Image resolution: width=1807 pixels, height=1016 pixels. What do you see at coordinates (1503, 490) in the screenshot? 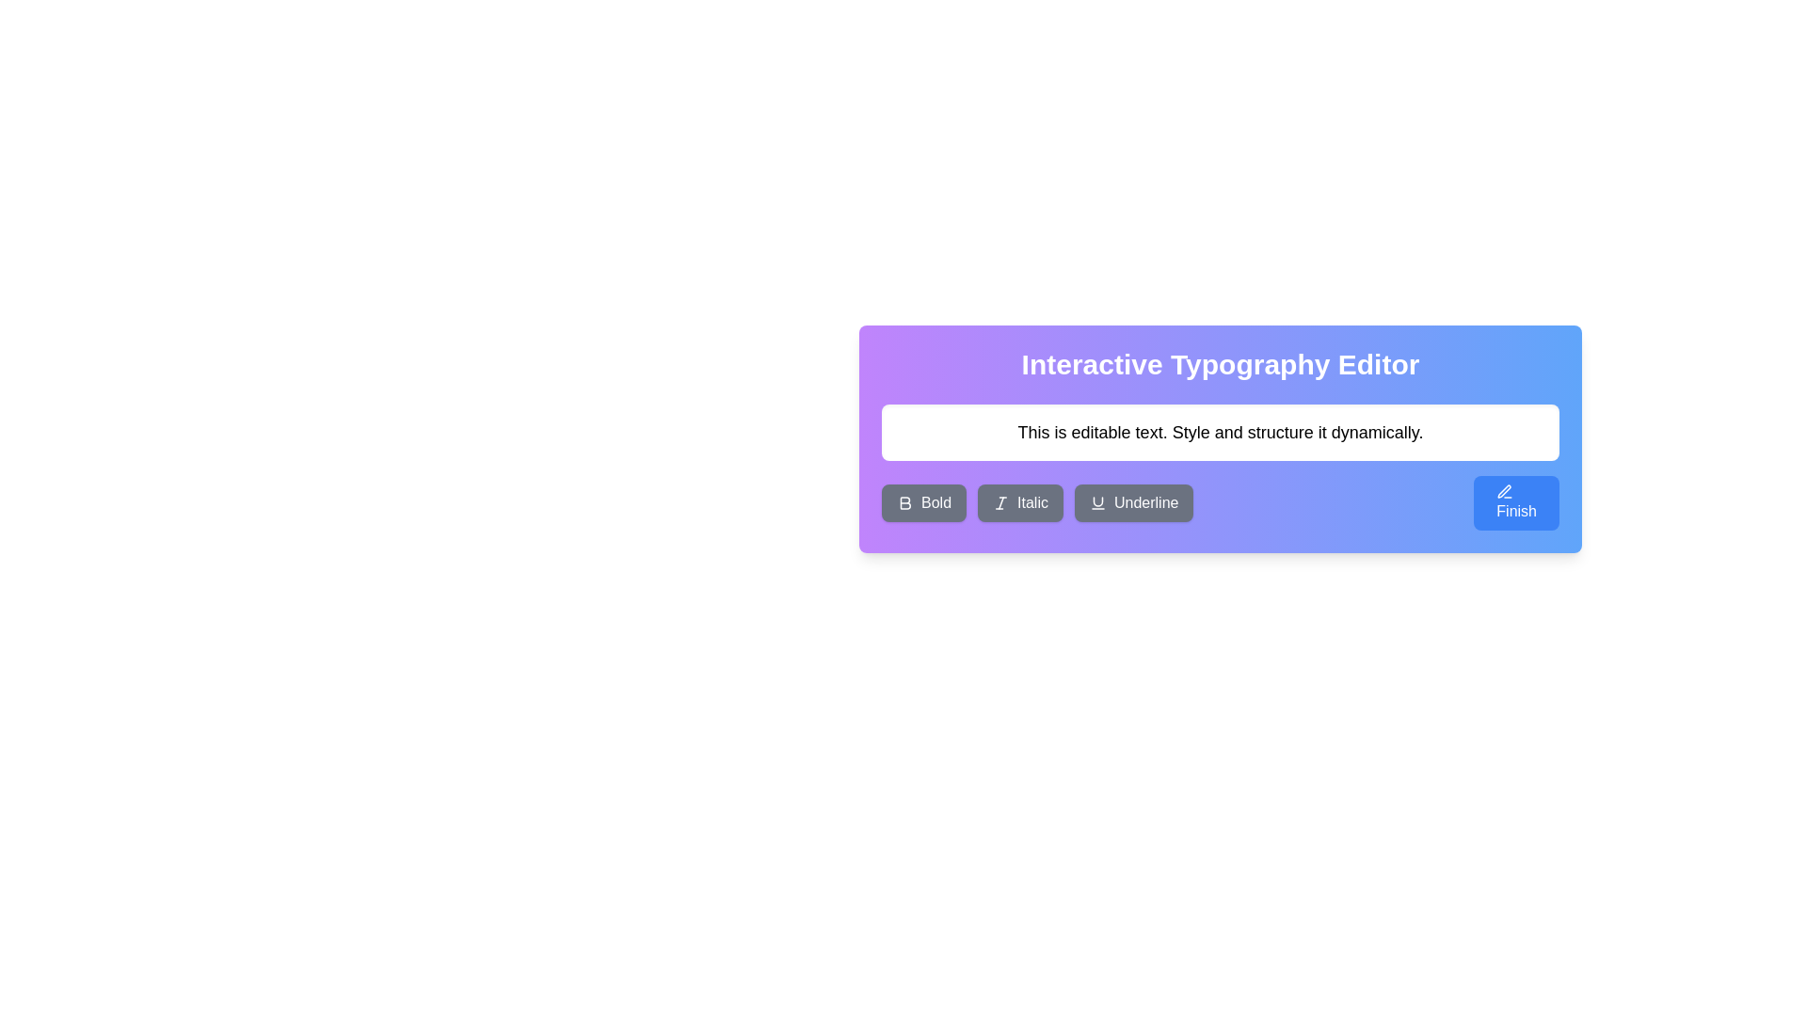
I see `the editing icon located in the bottom-right corner of the interface, next to the 'Finish' button, which is represented by a stylized depiction of a pen or editing tool` at bounding box center [1503, 490].